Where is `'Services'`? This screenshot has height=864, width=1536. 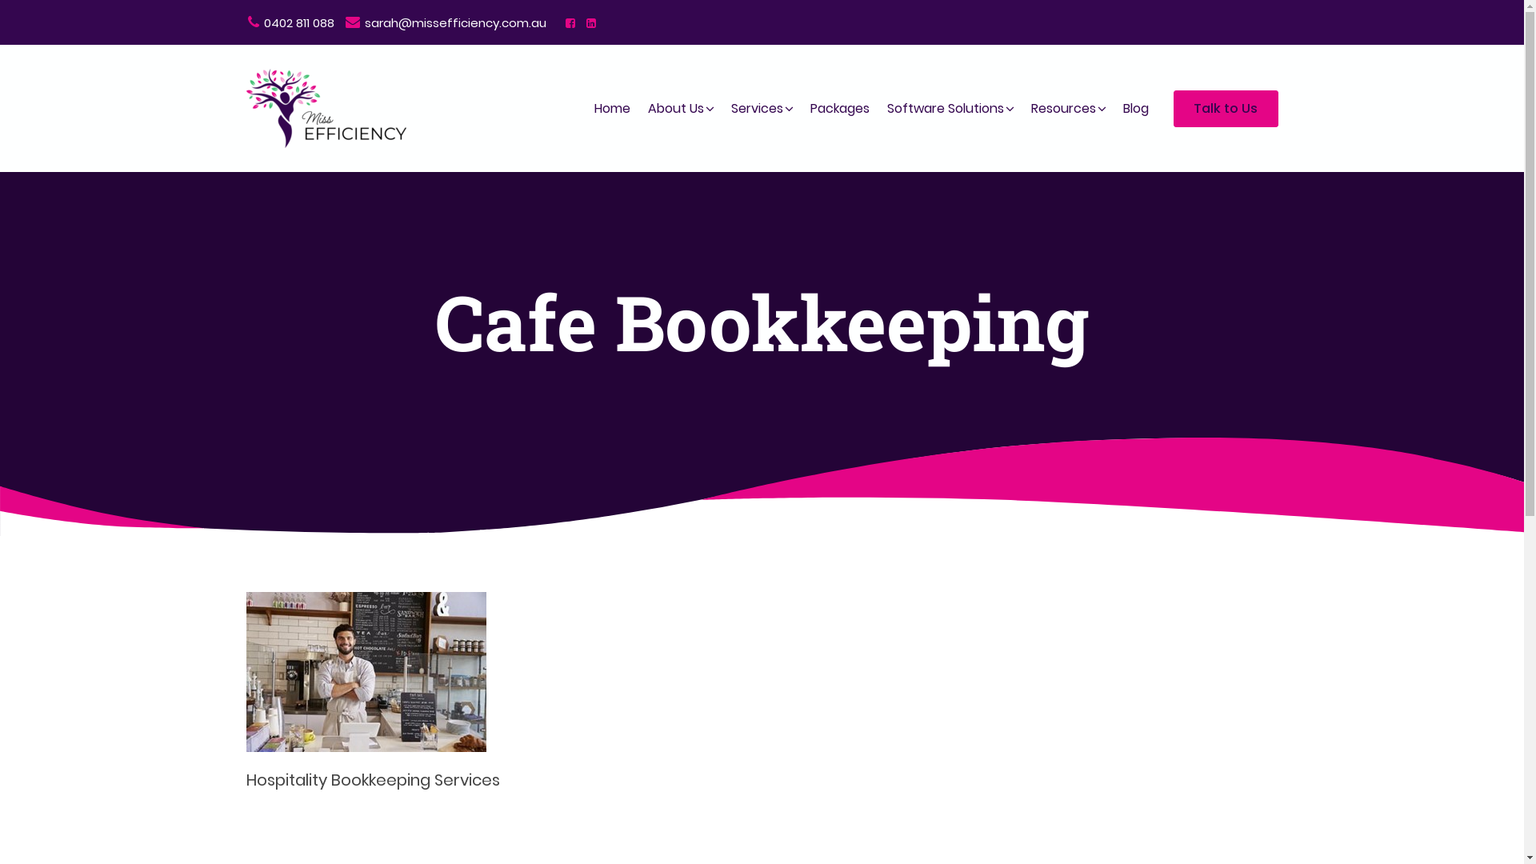
'Services' is located at coordinates (755, 108).